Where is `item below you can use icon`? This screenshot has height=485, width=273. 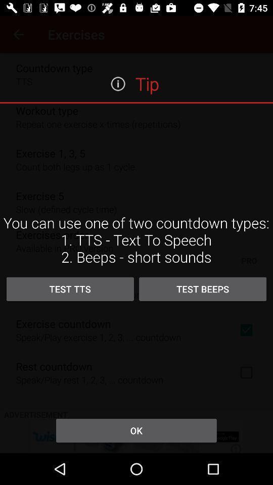 item below you can use icon is located at coordinates (69, 289).